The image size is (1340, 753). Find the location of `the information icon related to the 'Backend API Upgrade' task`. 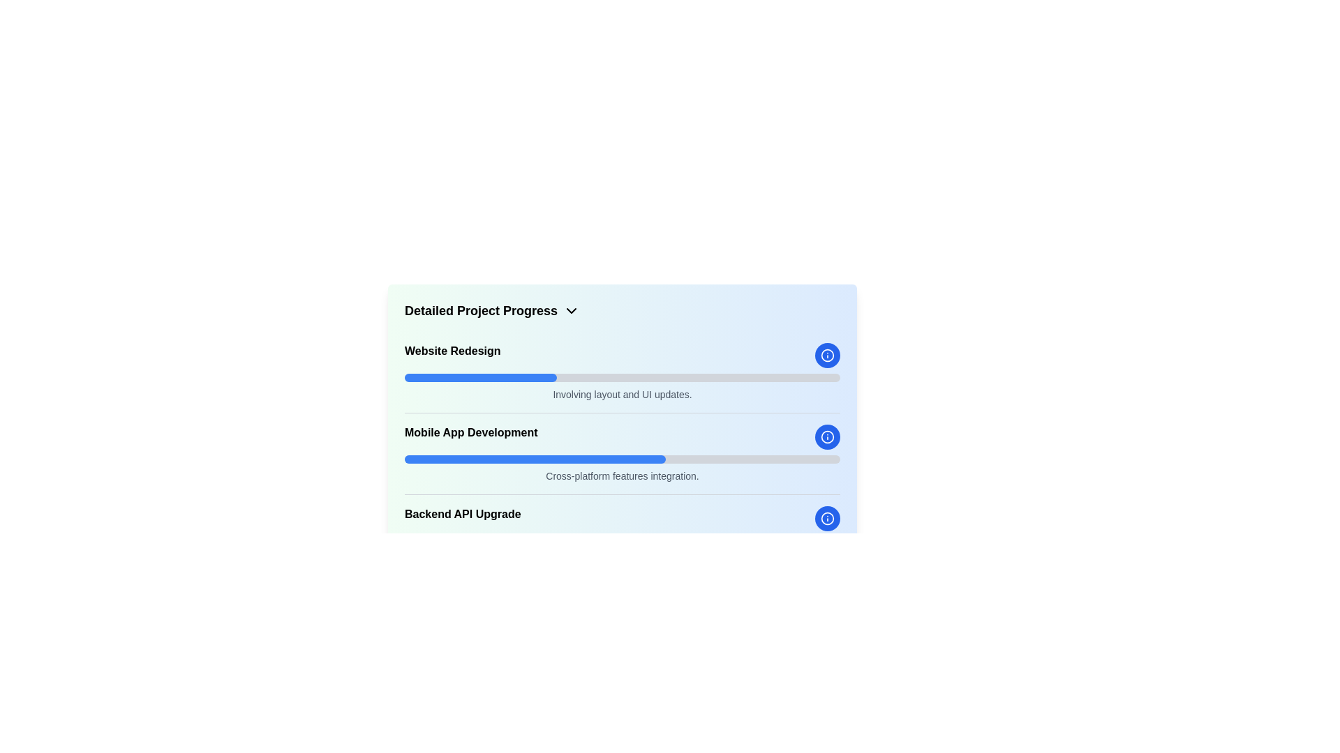

the information icon related to the 'Backend API Upgrade' task is located at coordinates (827, 519).